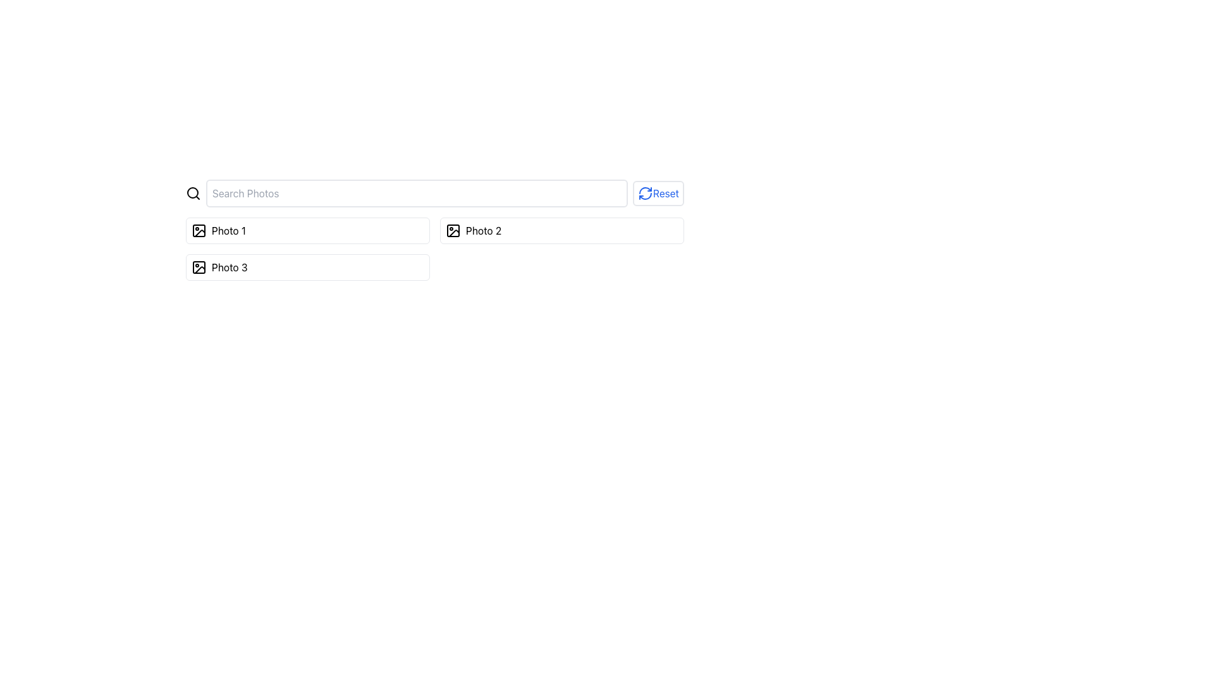 The image size is (1214, 683). I want to click on the reset icon located in the upper-right corner of the component labeled 'Reset', so click(645, 193).